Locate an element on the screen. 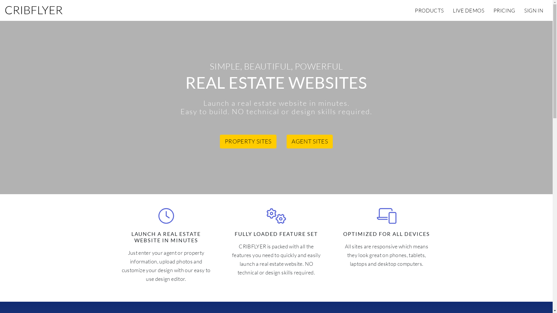  'PRODUCTS' is located at coordinates (429, 10).